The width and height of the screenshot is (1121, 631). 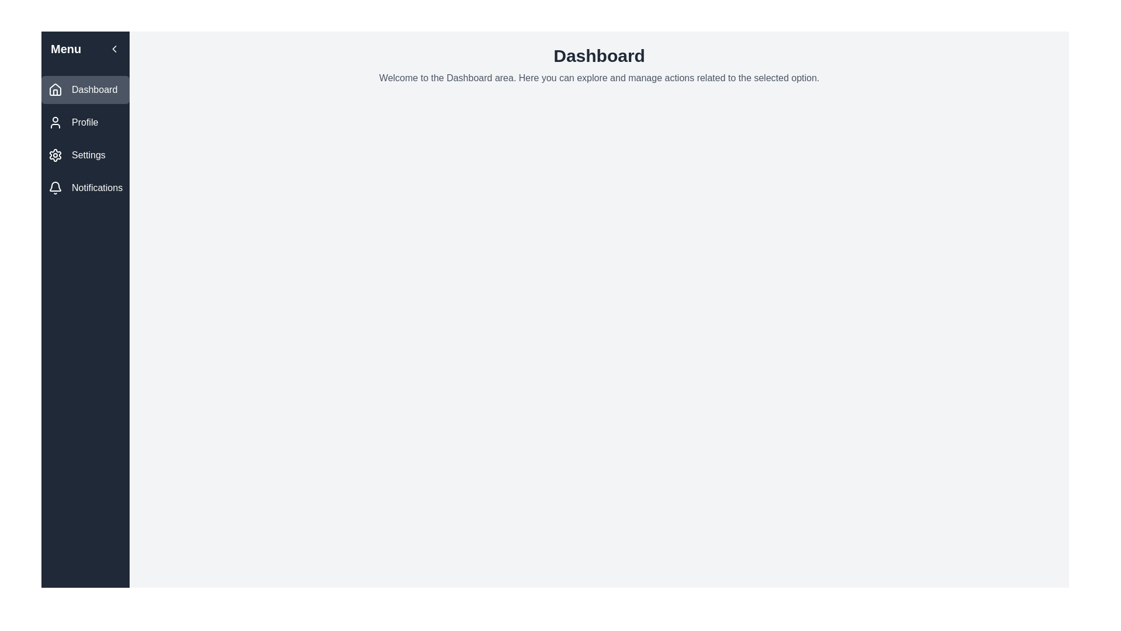 What do you see at coordinates (65, 48) in the screenshot?
I see `the bold 'Menu' text label located at the top-left of the vertical navigation panel` at bounding box center [65, 48].